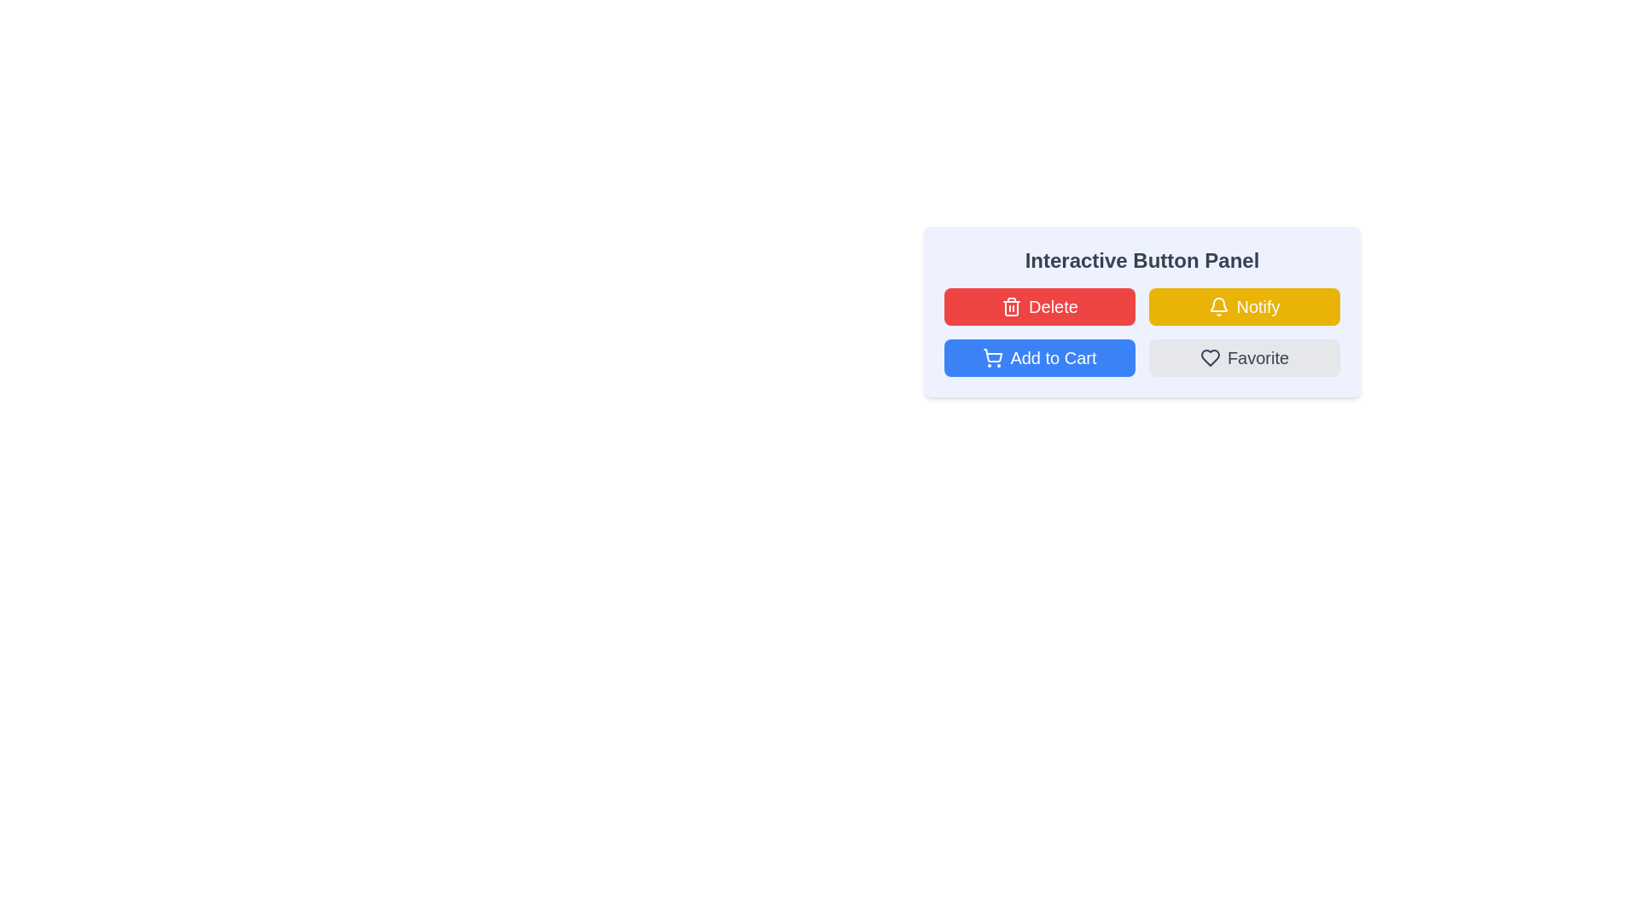 Image resolution: width=1638 pixels, height=921 pixels. Describe the element at coordinates (993, 357) in the screenshot. I see `the shopping cart icon embedded inside the 'Add to Cart' button, which is the second button from the left in the 'Interactive Button Panel'` at that location.